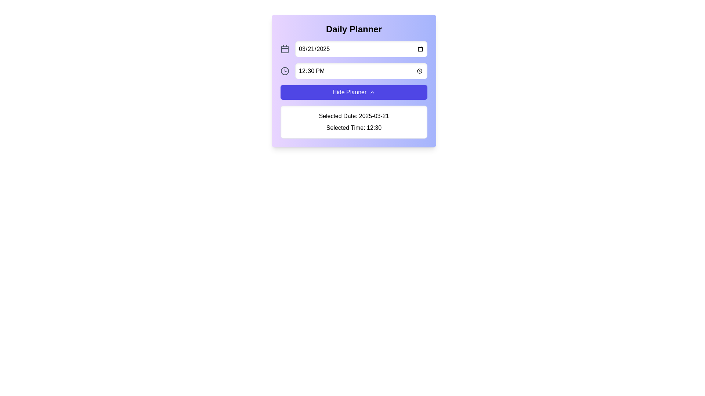 The image size is (705, 396). I want to click on the circular decorative element within the clock icon located to the left of the '12:30 PM' input field, so click(285, 71).